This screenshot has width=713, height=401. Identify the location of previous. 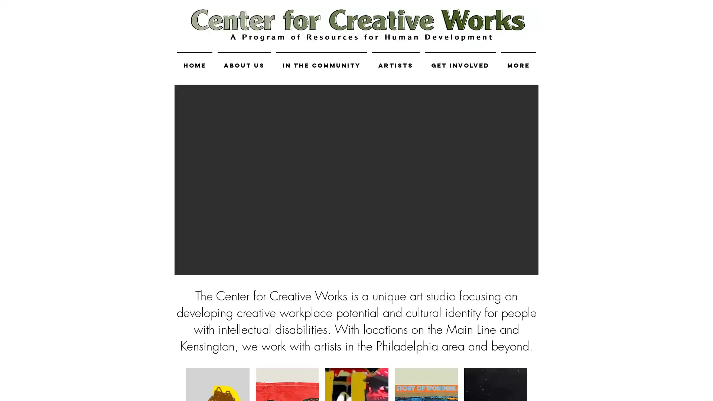
(190, 179).